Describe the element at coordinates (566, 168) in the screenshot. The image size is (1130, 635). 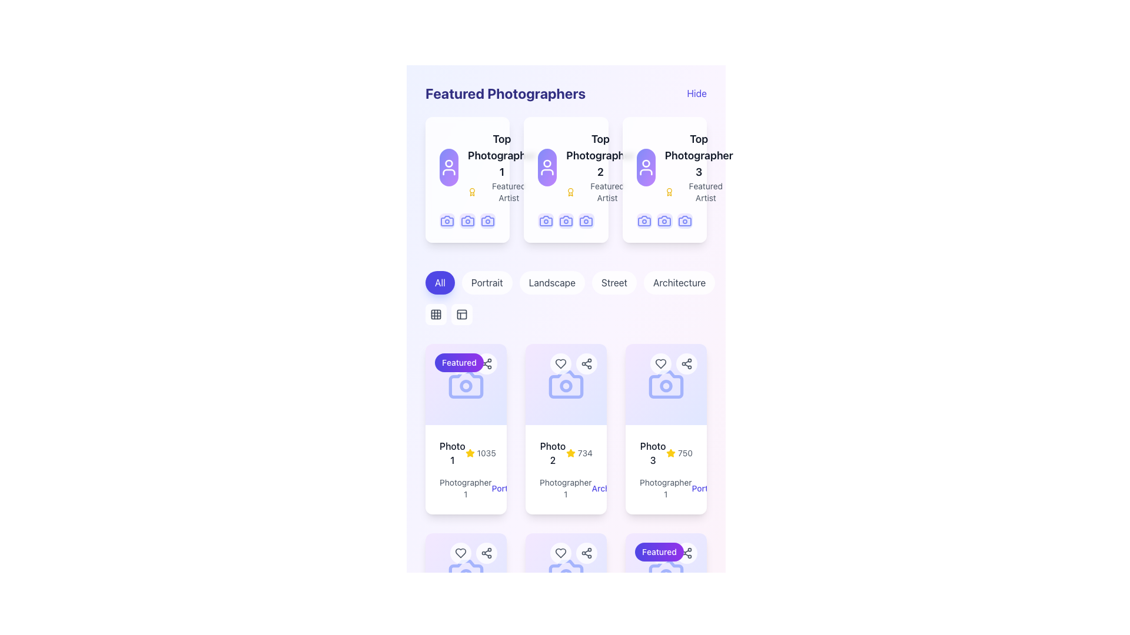
I see `the middle card in the 'Featured Photographers' section that presents a featured photographer's title, description, and accolade` at that location.